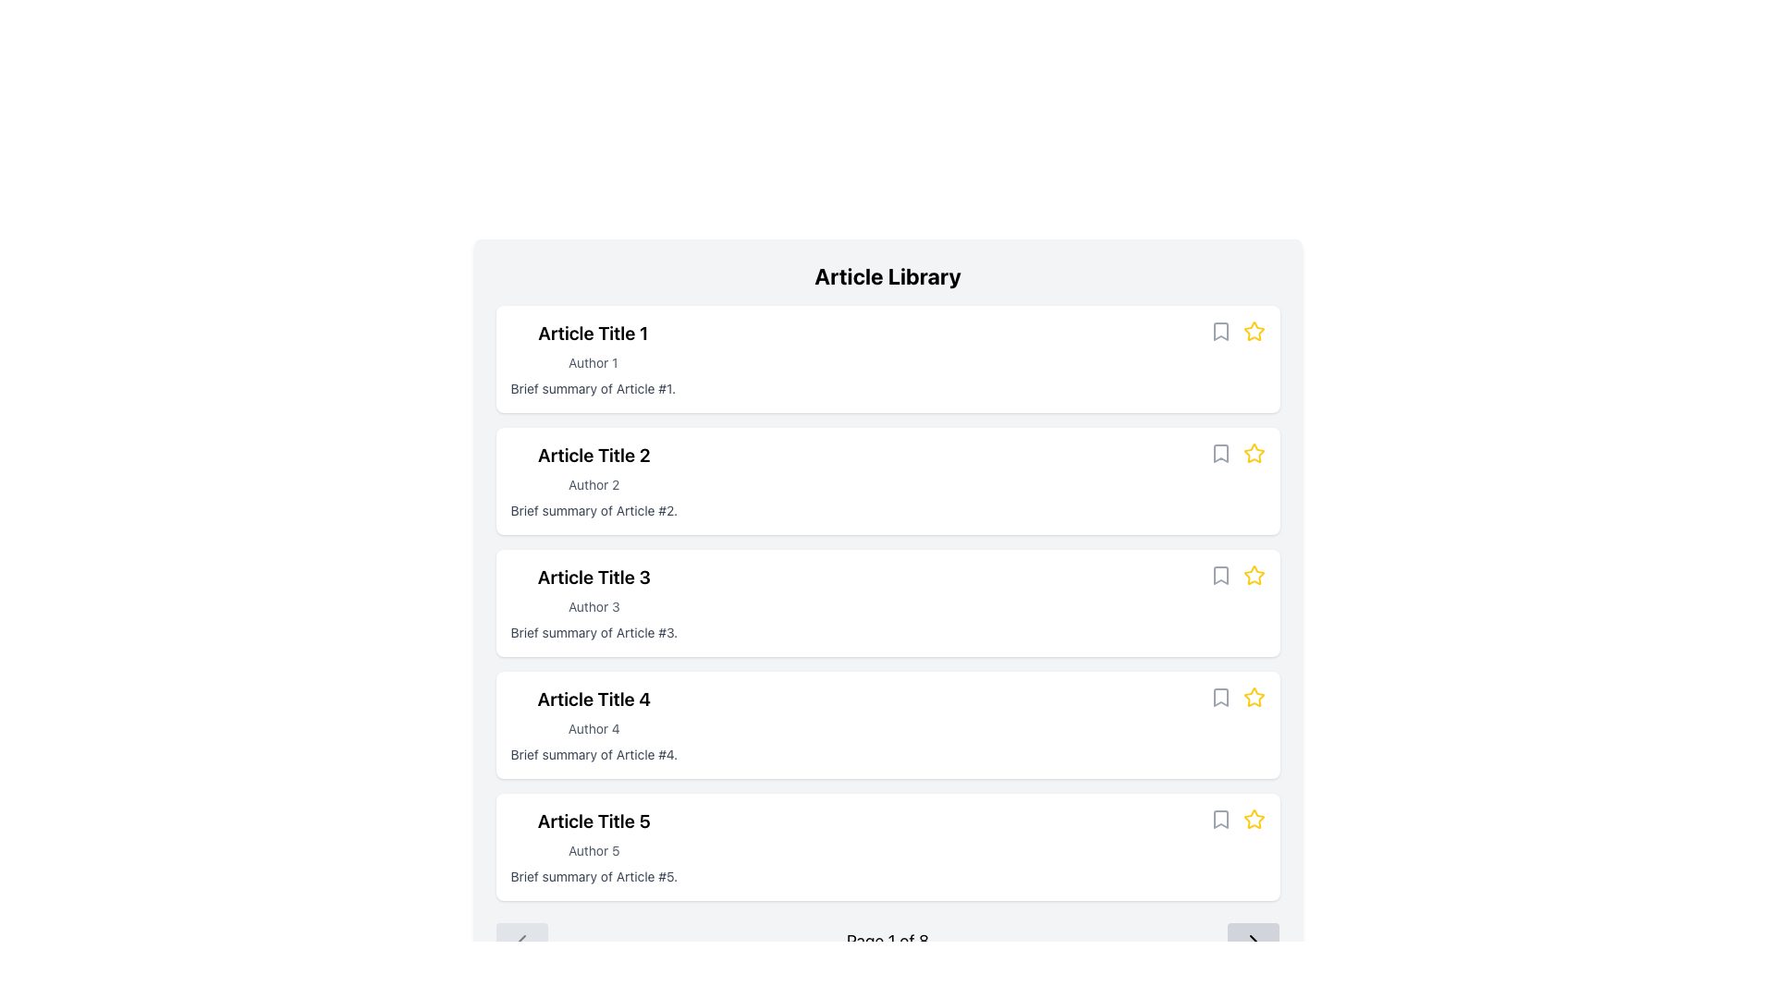  I want to click on the yellow star icon next to 'Article Title 4', so click(1254, 697).